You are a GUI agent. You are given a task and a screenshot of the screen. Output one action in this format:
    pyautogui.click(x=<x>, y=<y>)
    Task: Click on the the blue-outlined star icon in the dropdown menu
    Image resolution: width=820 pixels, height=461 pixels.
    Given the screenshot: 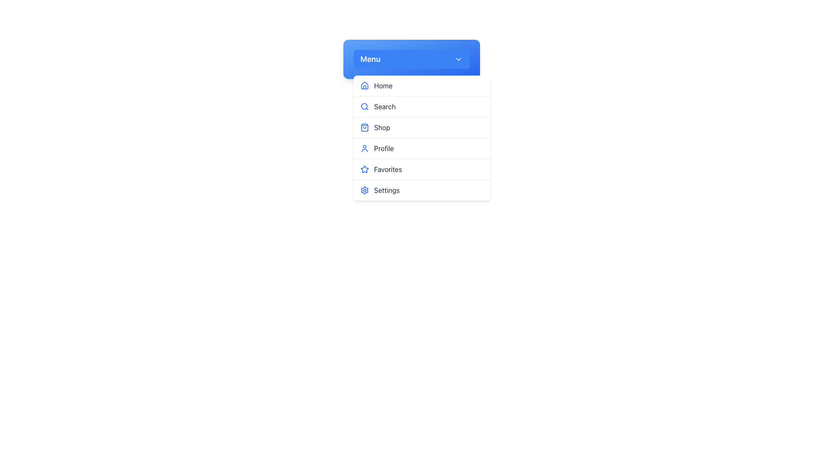 What is the action you would take?
    pyautogui.click(x=365, y=169)
    